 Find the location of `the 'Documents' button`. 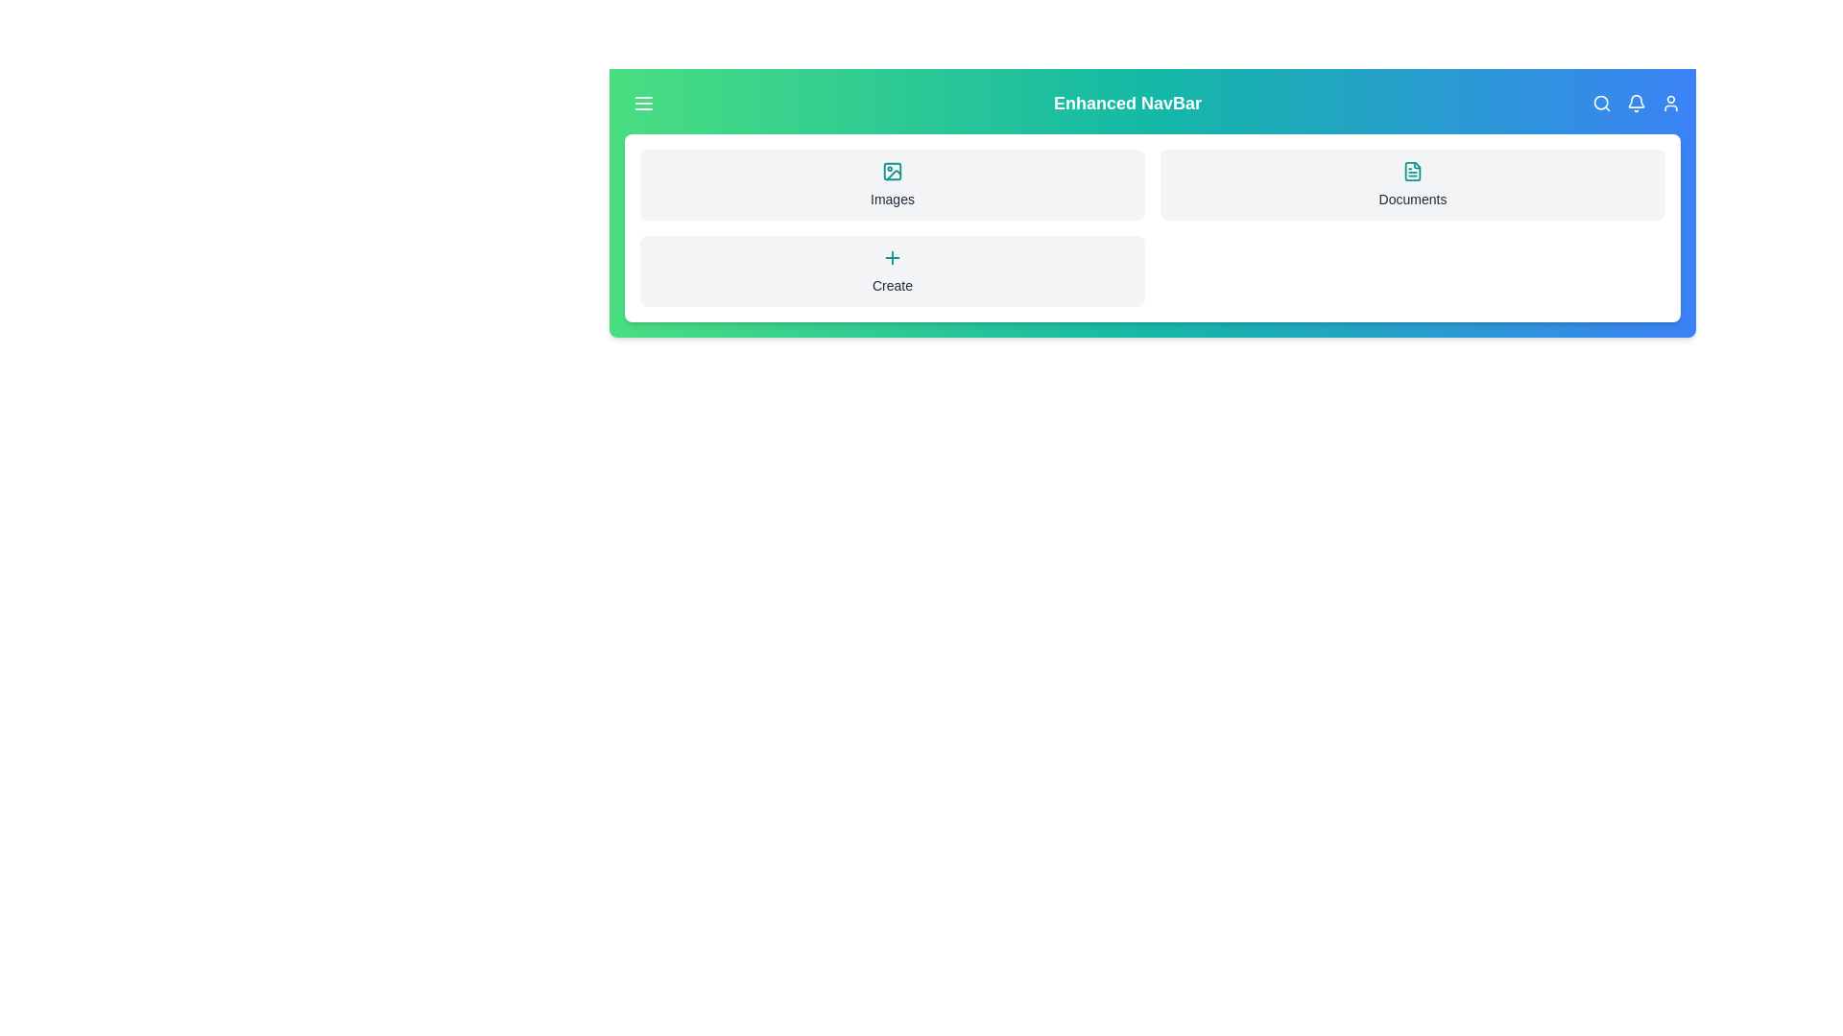

the 'Documents' button is located at coordinates (1413, 184).